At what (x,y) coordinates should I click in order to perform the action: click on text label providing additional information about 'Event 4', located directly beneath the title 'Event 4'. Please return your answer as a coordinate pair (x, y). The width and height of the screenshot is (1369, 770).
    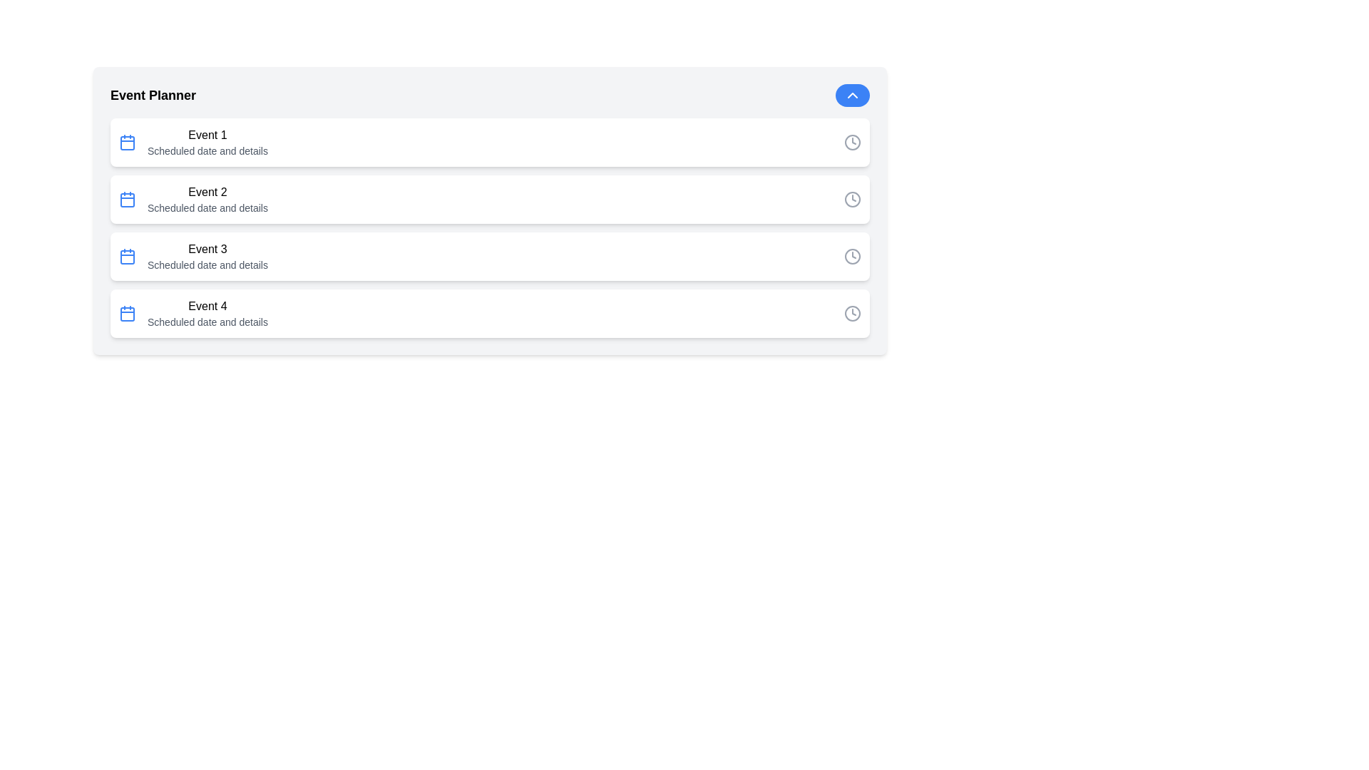
    Looking at the image, I should click on (207, 322).